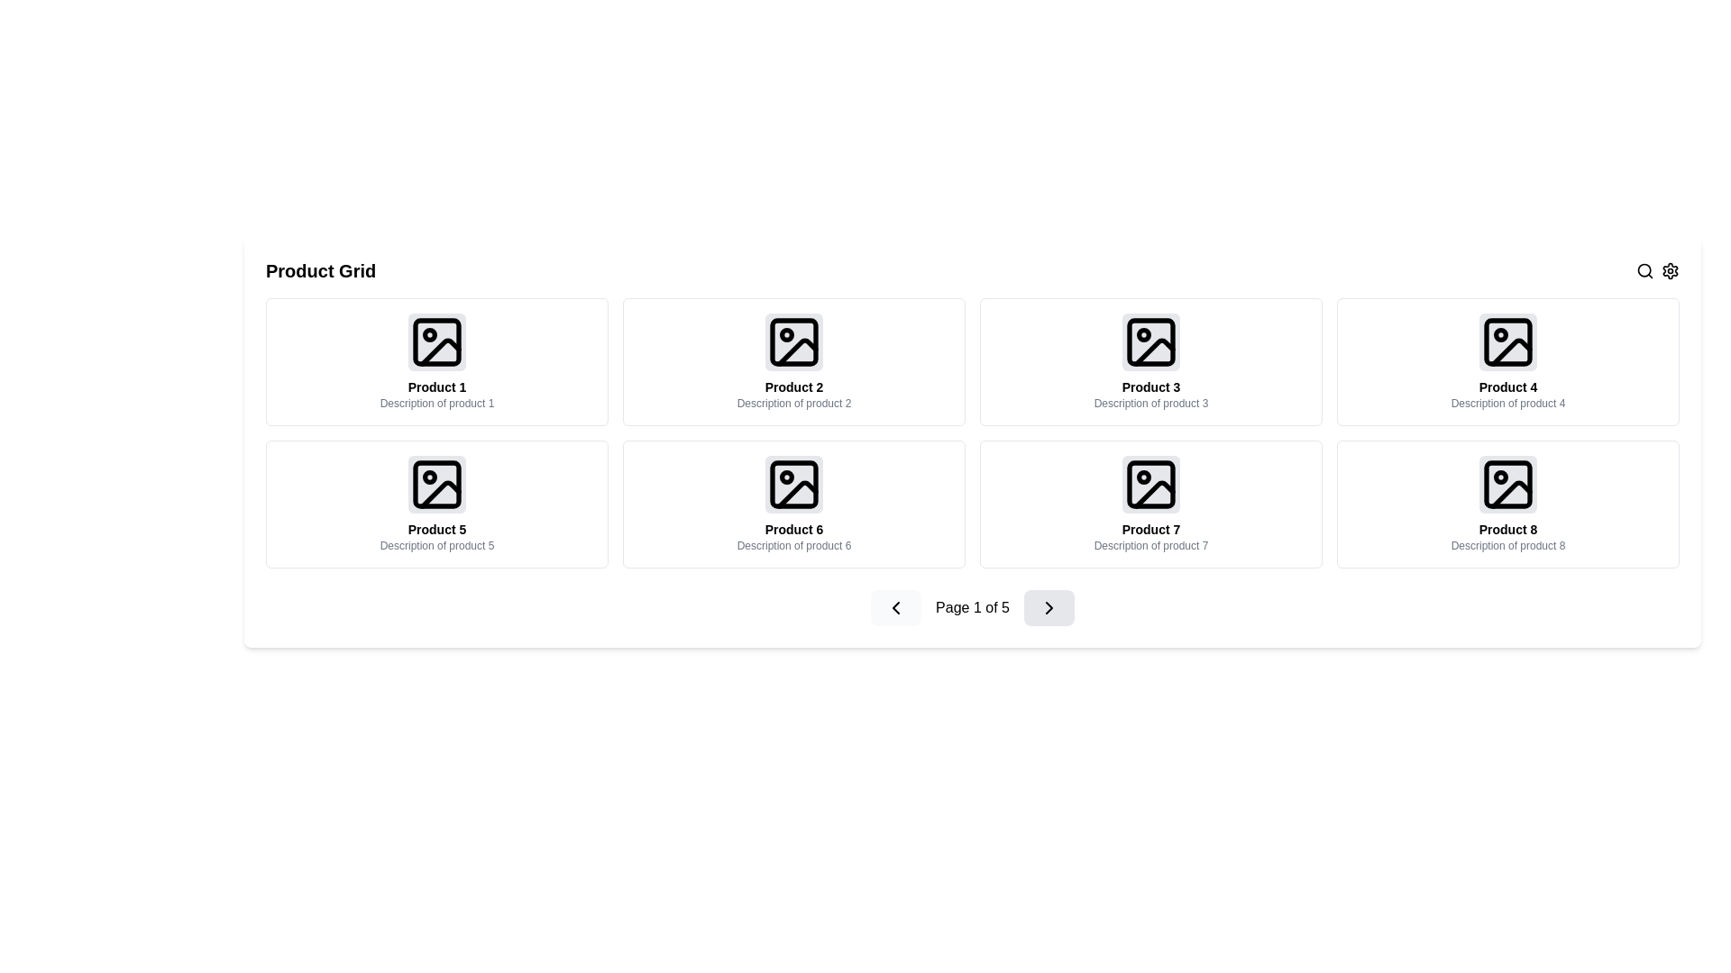 This screenshot has width=1731, height=973. What do you see at coordinates (436, 402) in the screenshot?
I see `the Text Label located beneath the heading 'Product 1' and the central image of the first product card in the grid layout` at bounding box center [436, 402].